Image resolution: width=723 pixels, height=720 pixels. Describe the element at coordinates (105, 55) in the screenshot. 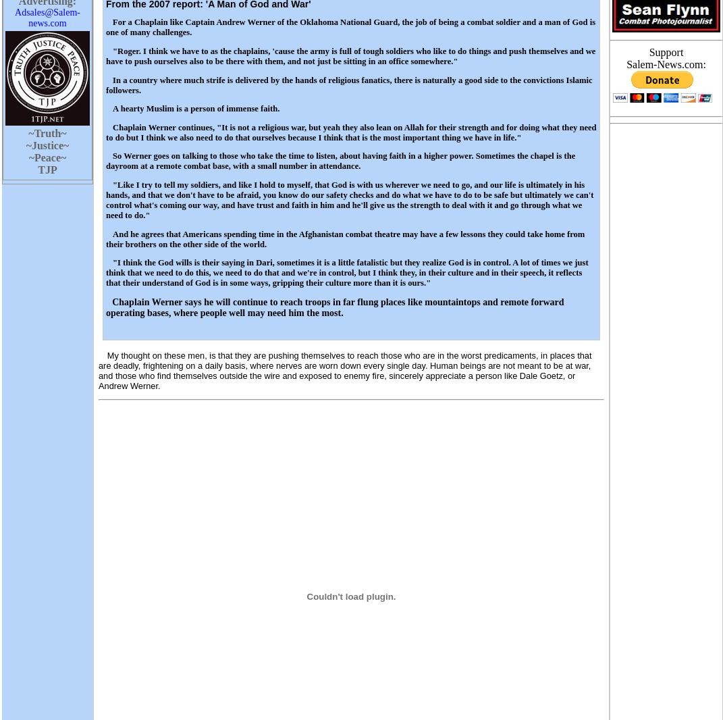

I see `'"Roger. I think we have to as the chaplains, 'cause the army is full of tough soldiers who like to do things and push themselves and we have to push ourselves also to be there with them, and not just be sitting in an office somewhere."'` at that location.